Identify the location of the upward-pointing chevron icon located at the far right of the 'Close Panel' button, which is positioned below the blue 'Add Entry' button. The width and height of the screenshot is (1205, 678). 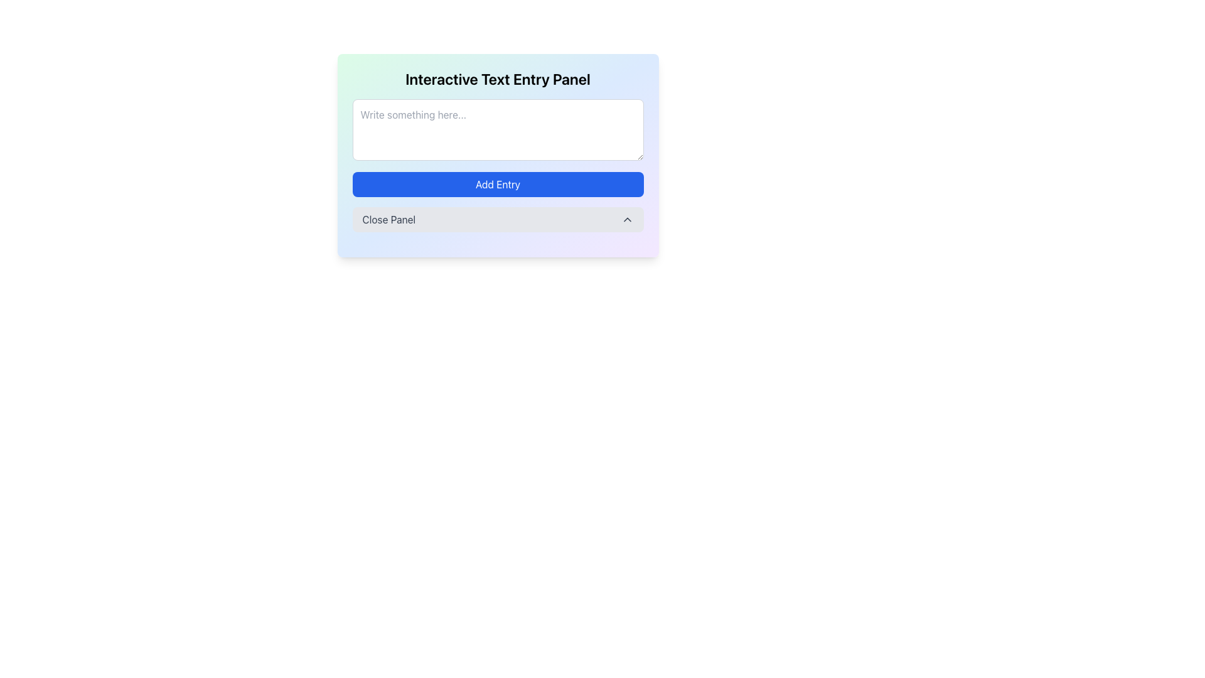
(627, 219).